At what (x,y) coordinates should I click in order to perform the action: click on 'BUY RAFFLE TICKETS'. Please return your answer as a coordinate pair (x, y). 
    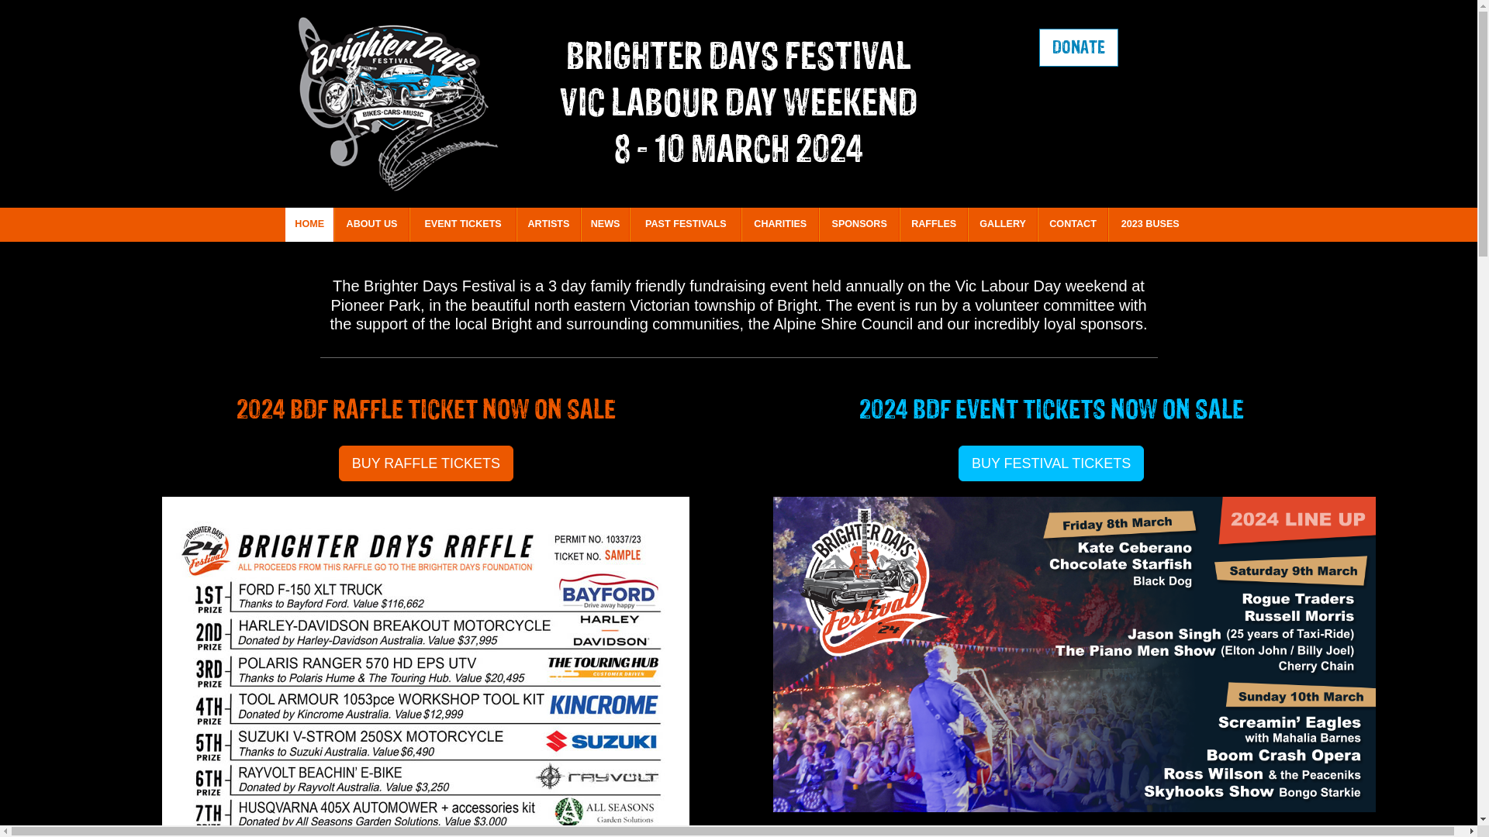
    Looking at the image, I should click on (426, 462).